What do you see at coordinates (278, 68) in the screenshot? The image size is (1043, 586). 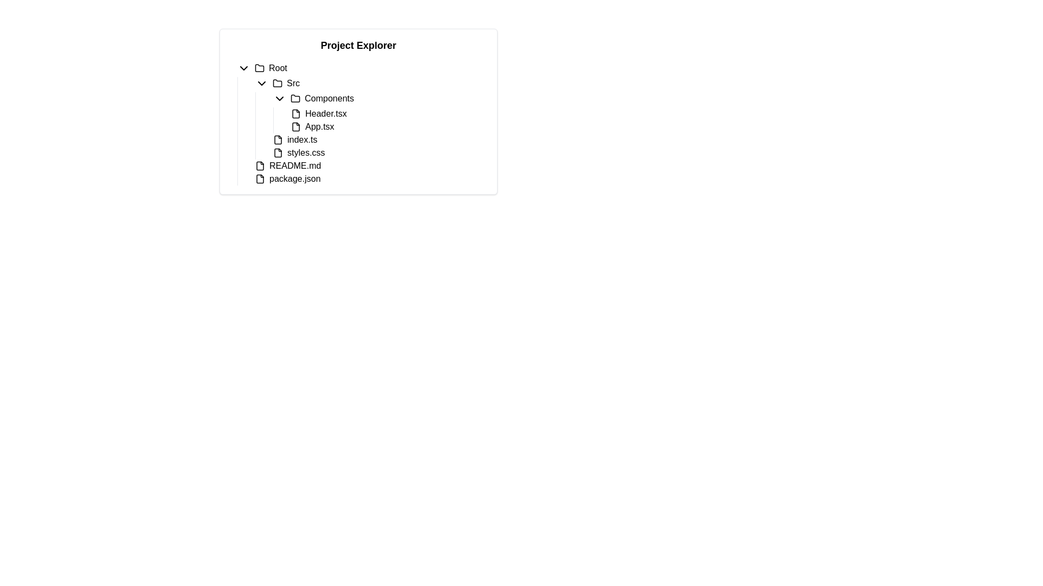 I see `the 'Root' label in the Project Explorer` at bounding box center [278, 68].